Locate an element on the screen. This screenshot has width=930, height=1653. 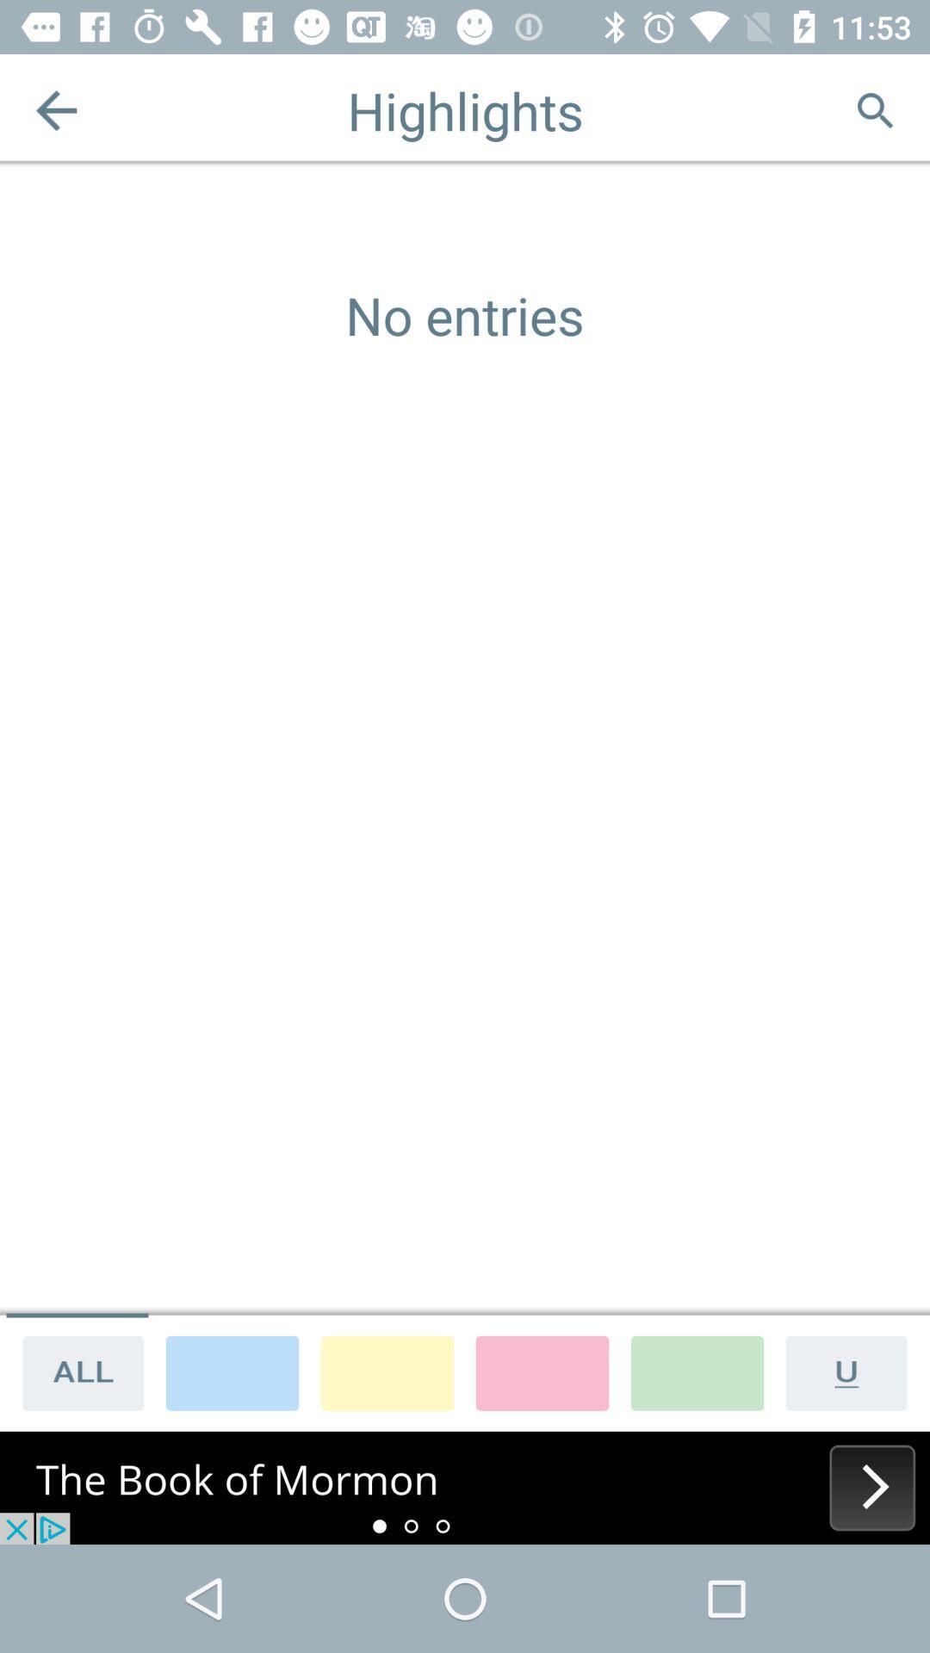
go back is located at coordinates (55, 109).